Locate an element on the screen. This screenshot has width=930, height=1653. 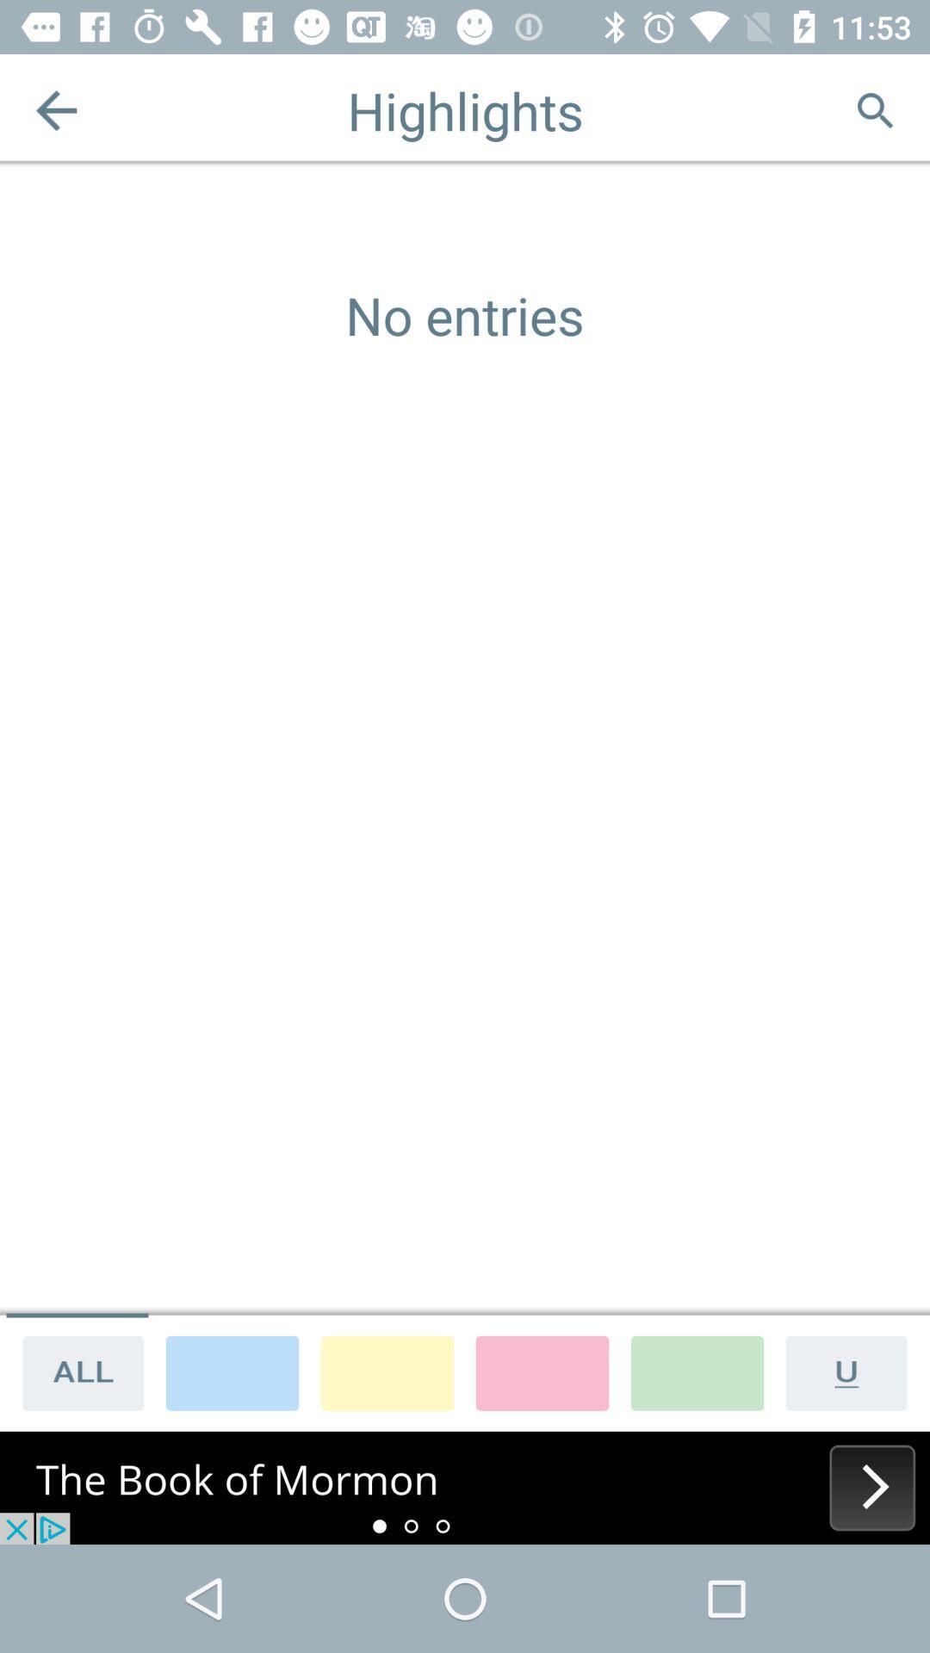
go back is located at coordinates (55, 109).